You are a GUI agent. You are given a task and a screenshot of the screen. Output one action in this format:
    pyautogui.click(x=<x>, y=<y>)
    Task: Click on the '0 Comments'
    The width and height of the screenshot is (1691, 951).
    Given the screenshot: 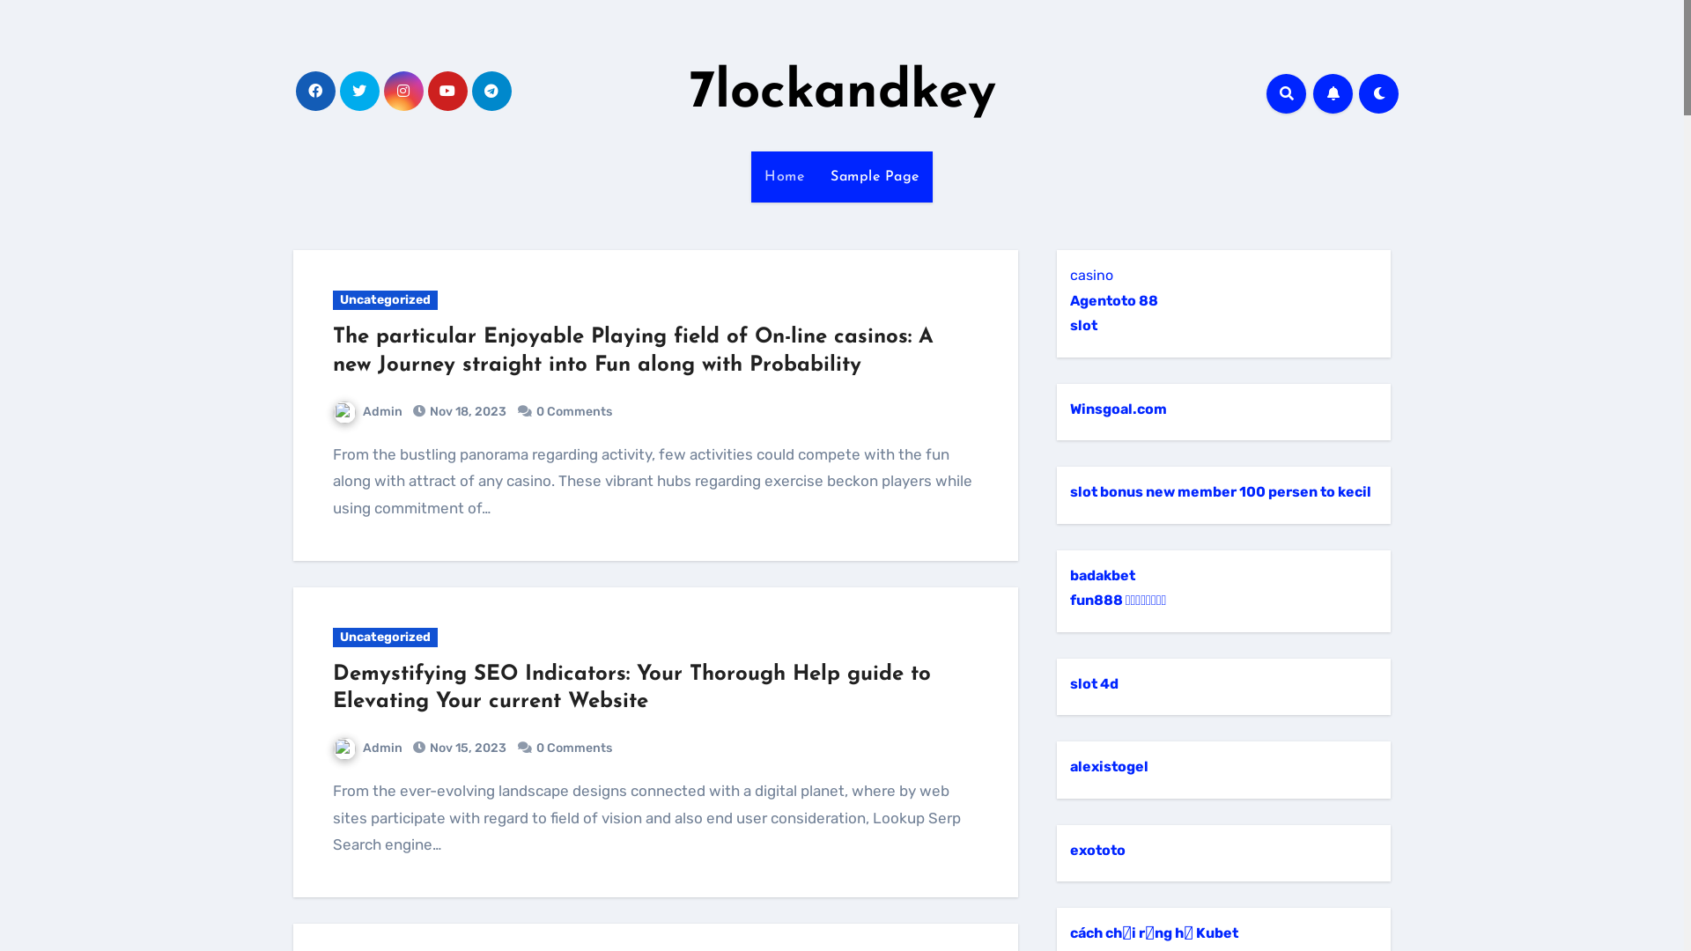 What is the action you would take?
    pyautogui.click(x=574, y=748)
    